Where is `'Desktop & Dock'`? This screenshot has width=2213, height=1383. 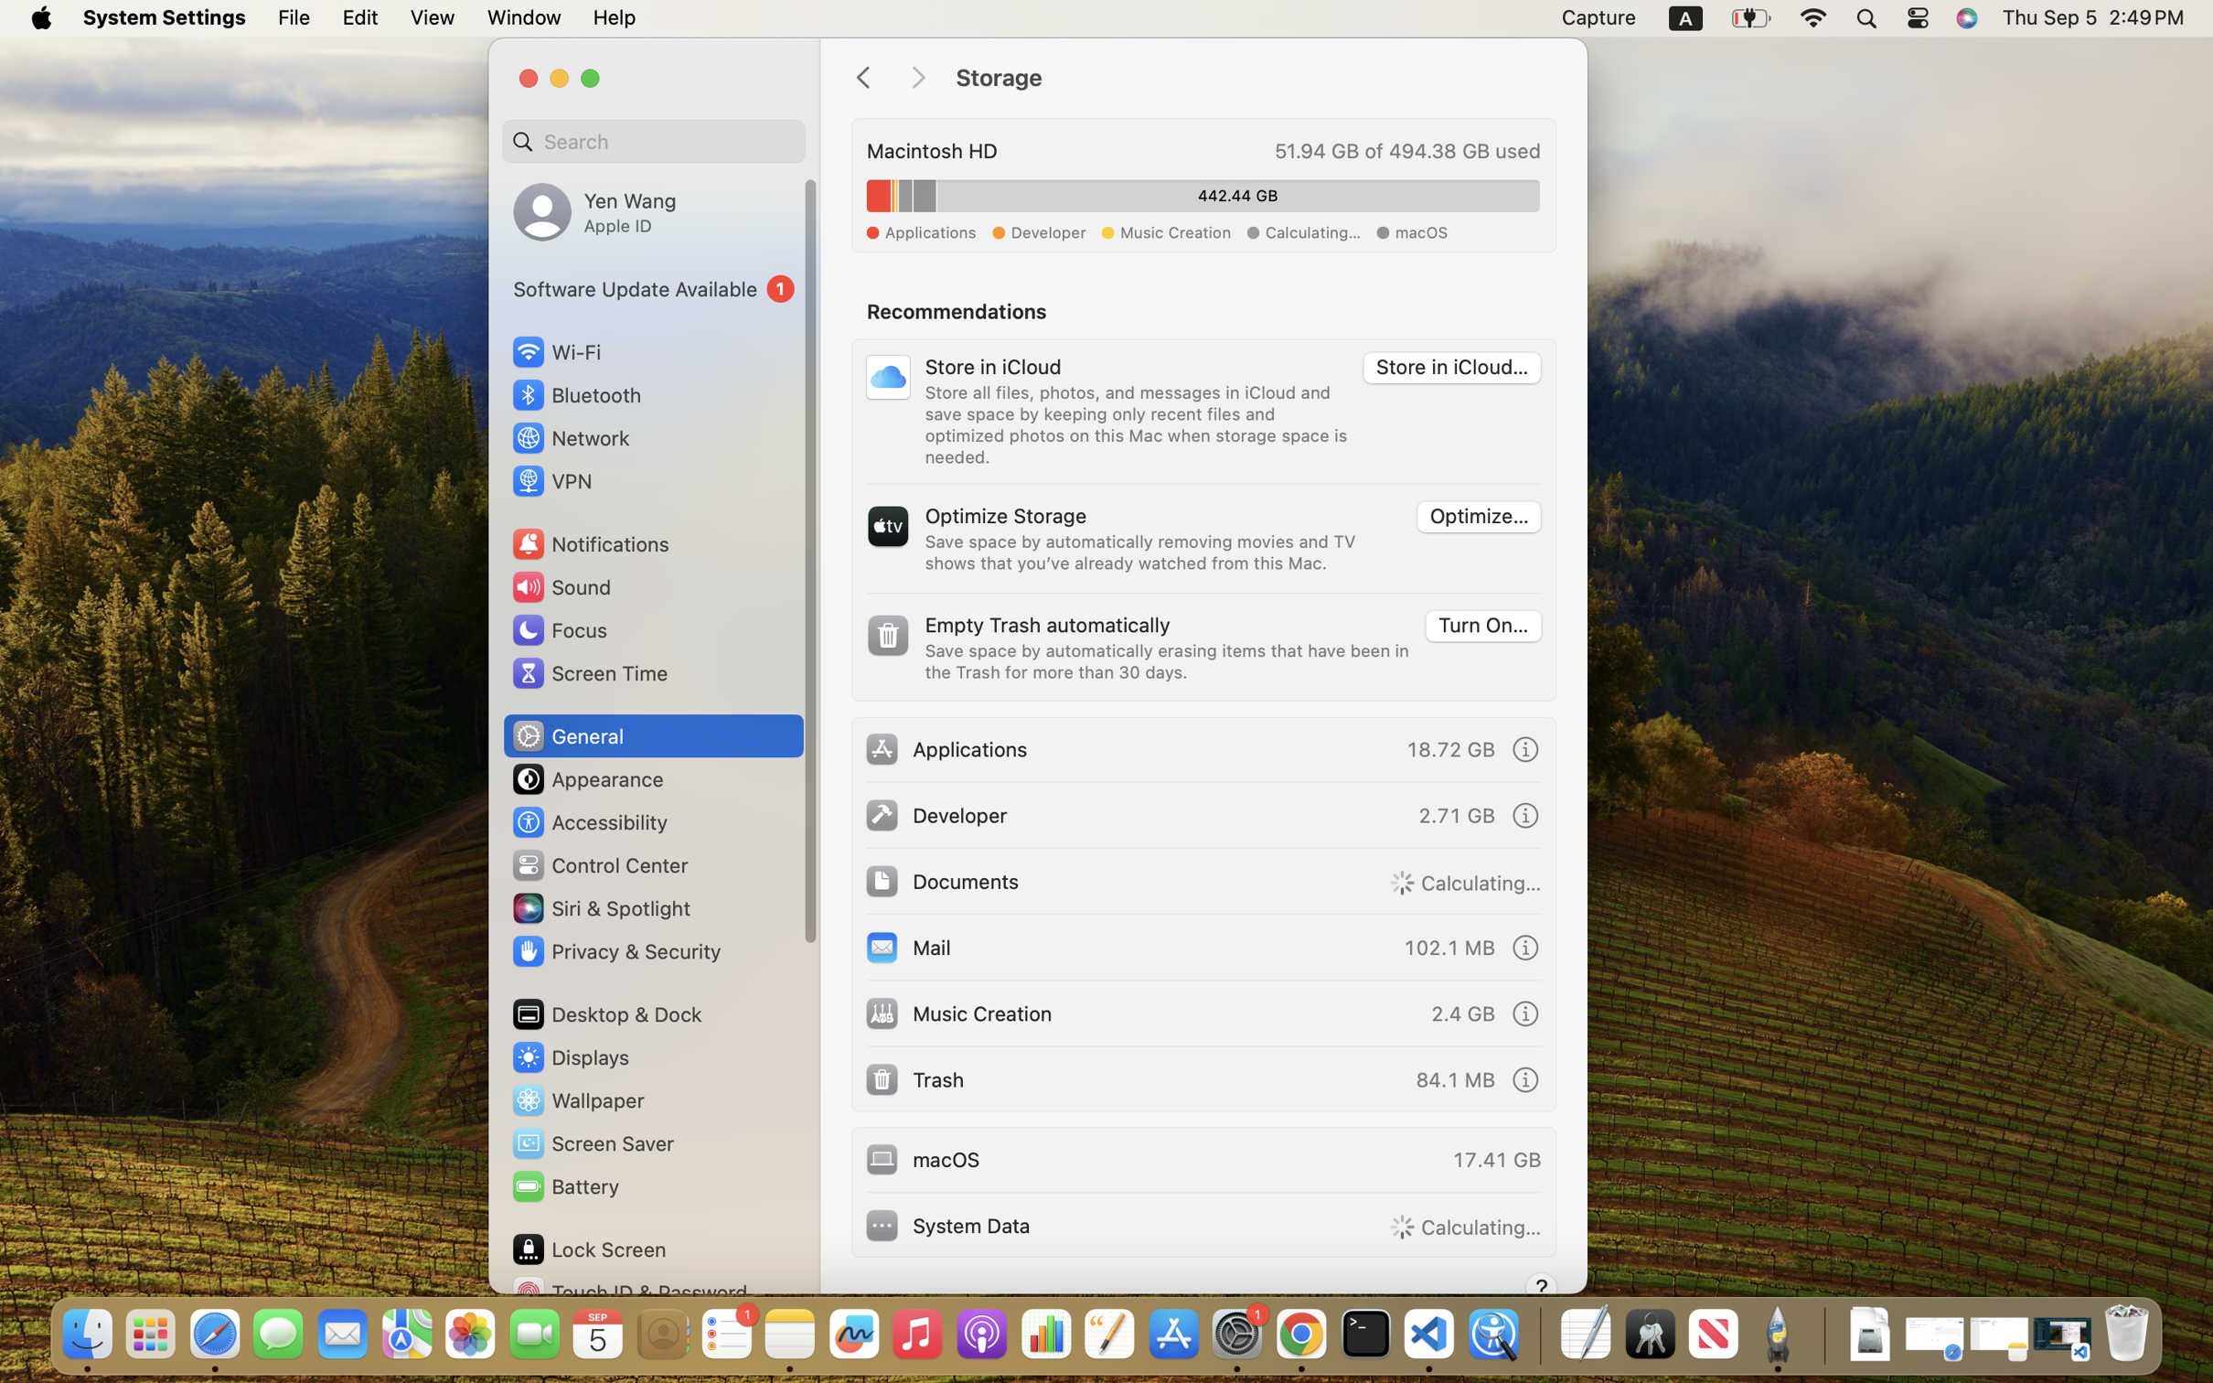
'Desktop & Dock' is located at coordinates (605, 1013).